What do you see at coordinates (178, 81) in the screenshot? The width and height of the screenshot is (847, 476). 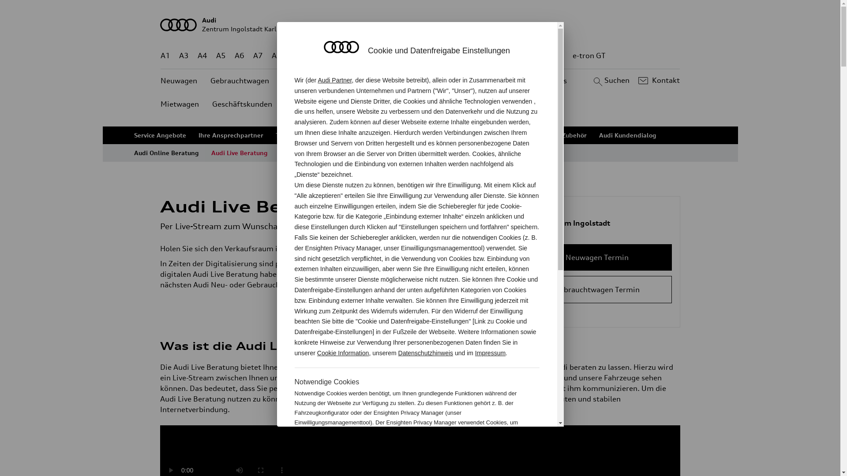 I see `'Neuwagen'` at bounding box center [178, 81].